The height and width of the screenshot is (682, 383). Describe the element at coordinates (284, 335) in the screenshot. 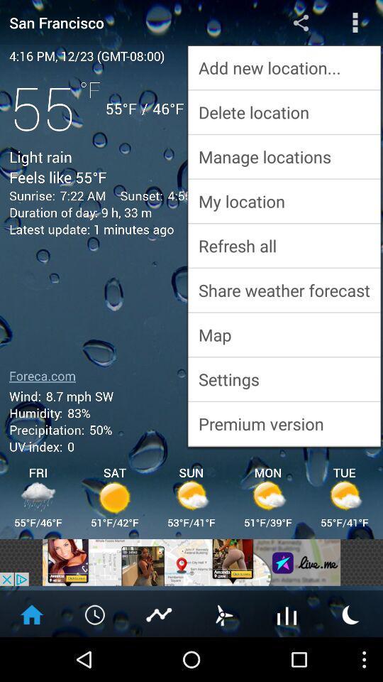

I see `map` at that location.